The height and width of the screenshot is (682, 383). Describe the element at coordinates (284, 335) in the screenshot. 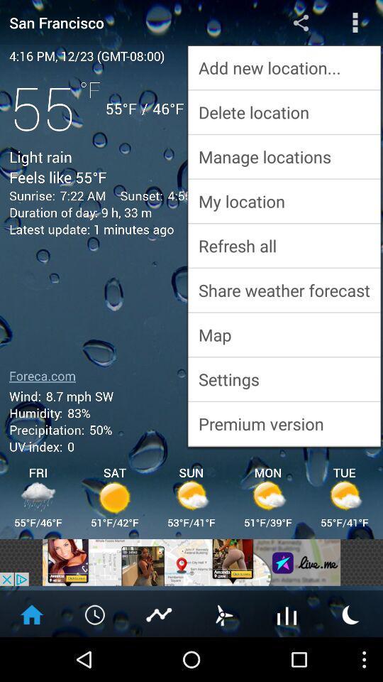

I see `map` at that location.